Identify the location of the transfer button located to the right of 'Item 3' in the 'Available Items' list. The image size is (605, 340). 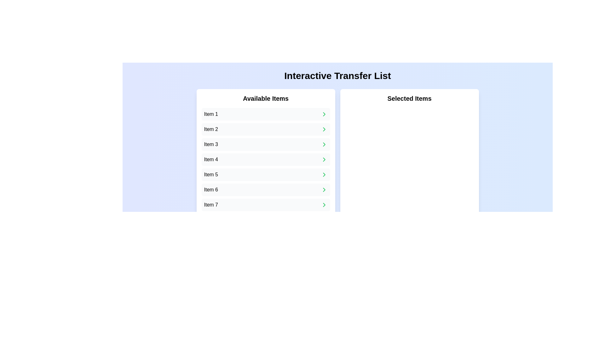
(324, 144).